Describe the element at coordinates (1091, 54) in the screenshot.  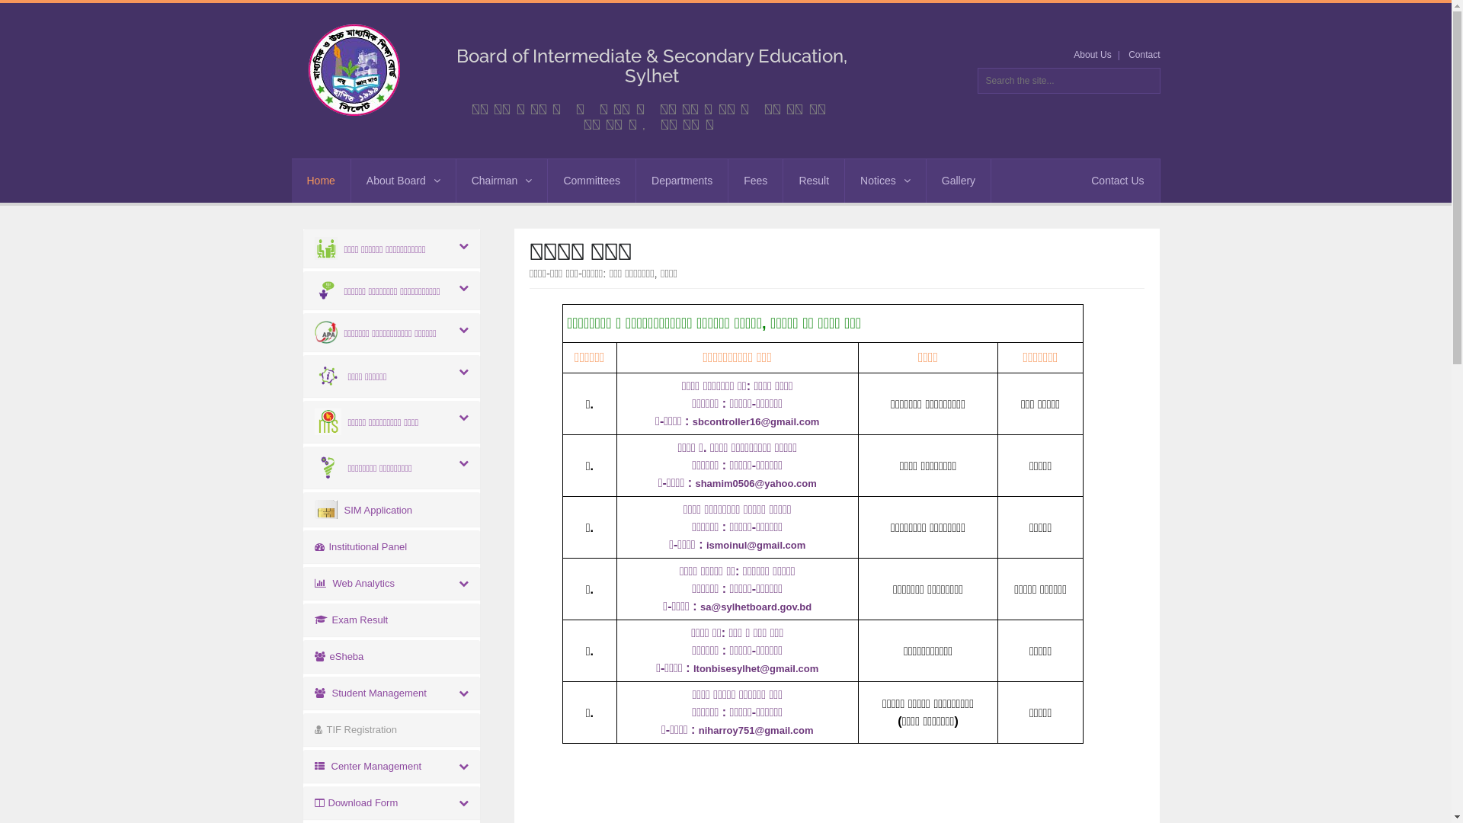
I see `'About Us'` at that location.